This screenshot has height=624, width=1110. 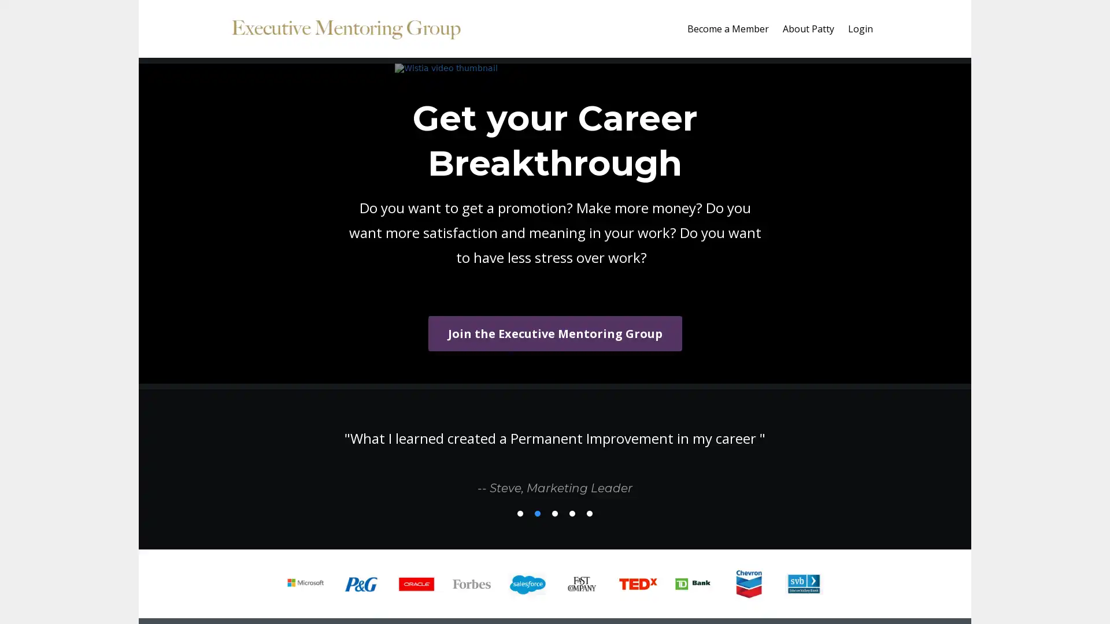 I want to click on 1, so click(x=520, y=512).